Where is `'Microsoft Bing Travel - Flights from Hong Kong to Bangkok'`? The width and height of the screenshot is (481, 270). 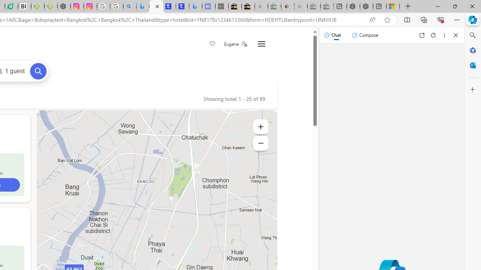 'Microsoft Bing Travel - Flights from Hong Kong to Bangkok' is located at coordinates (143, 6).